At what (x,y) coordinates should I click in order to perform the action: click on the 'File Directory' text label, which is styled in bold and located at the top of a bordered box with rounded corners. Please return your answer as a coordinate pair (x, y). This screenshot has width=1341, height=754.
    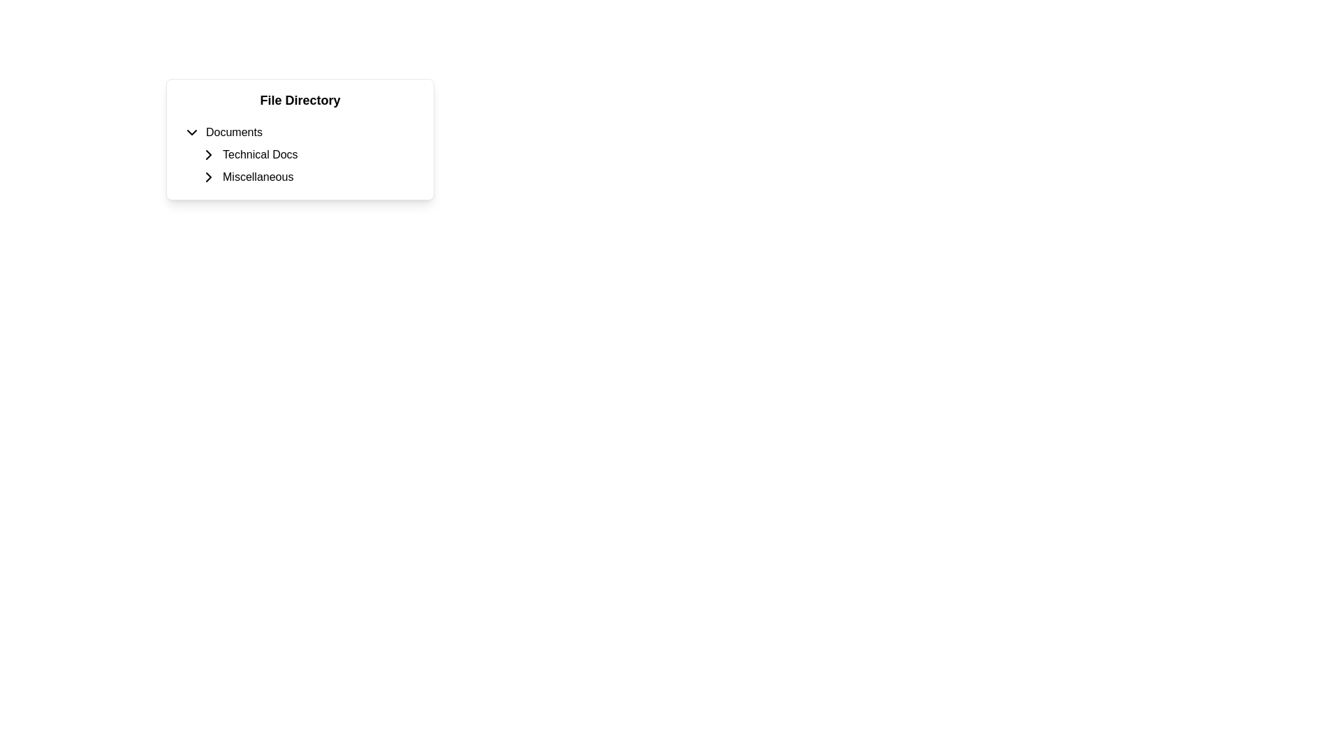
    Looking at the image, I should click on (300, 99).